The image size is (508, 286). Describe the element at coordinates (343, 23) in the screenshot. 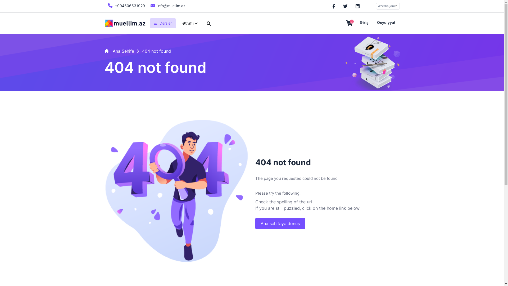

I see `'0'` at that location.